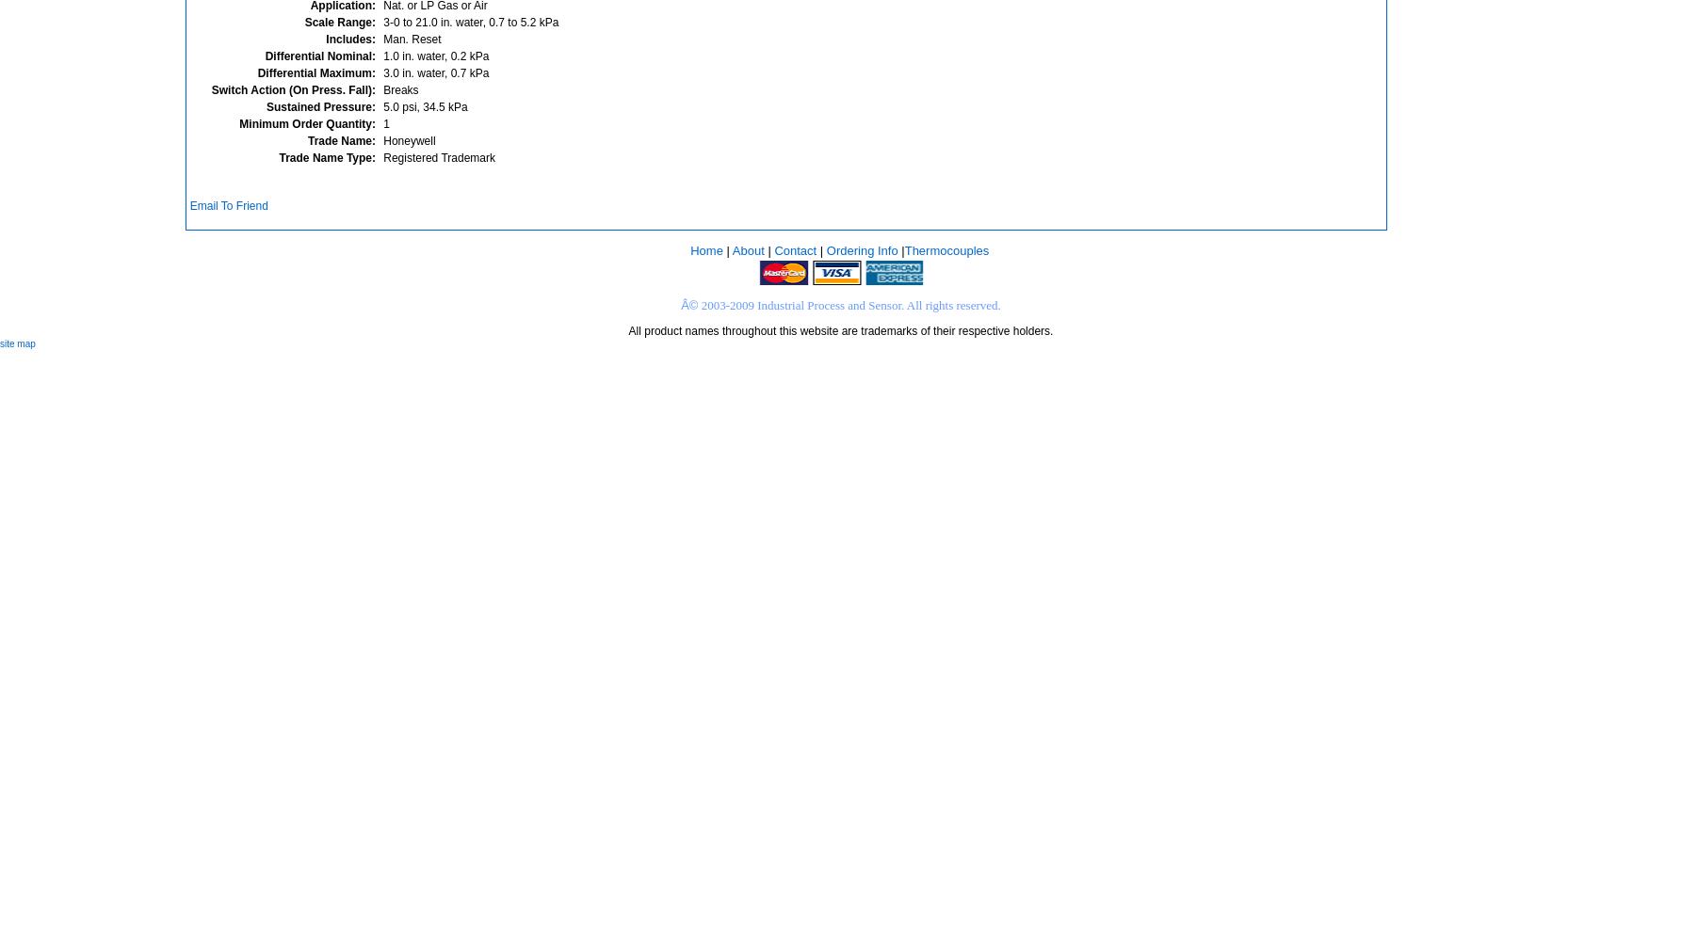 The width and height of the screenshot is (1682, 941). I want to click on 'site map', so click(17, 342).